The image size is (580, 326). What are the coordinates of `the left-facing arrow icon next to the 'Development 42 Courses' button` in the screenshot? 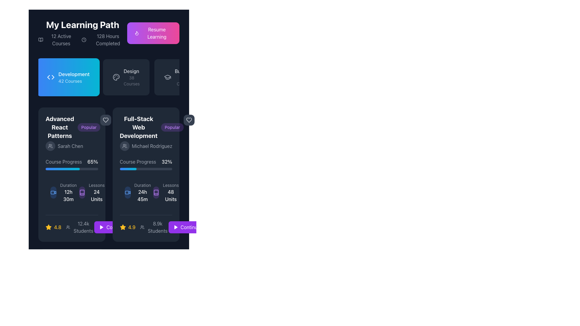 It's located at (53, 77).